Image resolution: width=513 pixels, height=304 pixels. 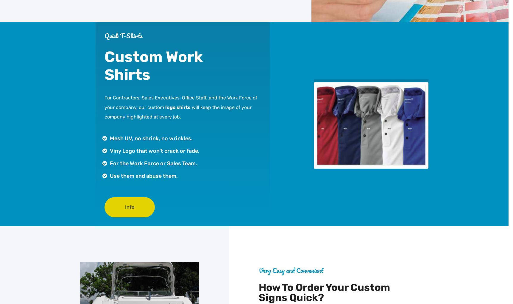 I want to click on 'logo shirts', so click(x=165, y=107).